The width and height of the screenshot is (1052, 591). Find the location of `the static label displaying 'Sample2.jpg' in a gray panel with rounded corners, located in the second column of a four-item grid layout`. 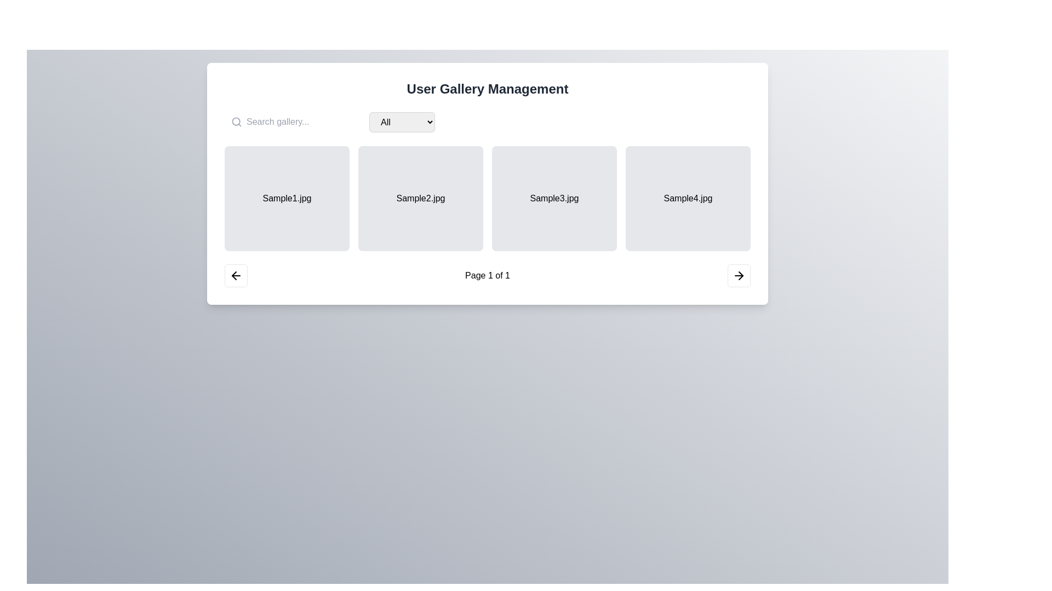

the static label displaying 'Sample2.jpg' in a gray panel with rounded corners, located in the second column of a four-item grid layout is located at coordinates (420, 198).